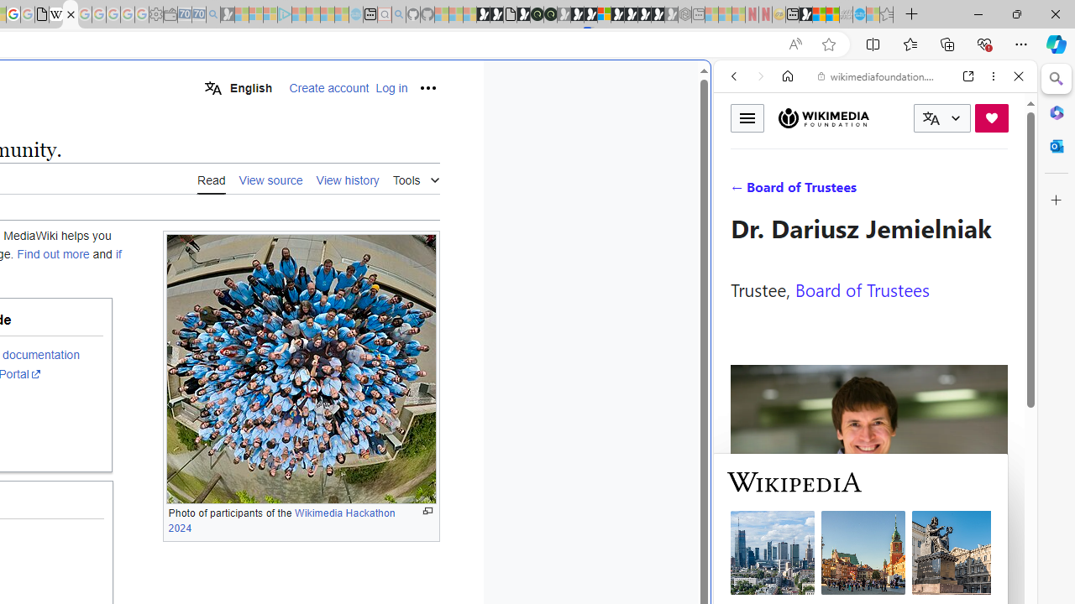 The height and width of the screenshot is (604, 1075). What do you see at coordinates (709, 86) in the screenshot?
I see `'Close split screen'` at bounding box center [709, 86].